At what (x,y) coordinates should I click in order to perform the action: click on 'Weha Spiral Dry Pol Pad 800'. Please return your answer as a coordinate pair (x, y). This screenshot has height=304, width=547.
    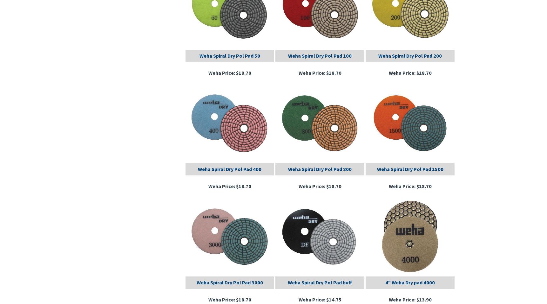
    Looking at the image, I should click on (320, 168).